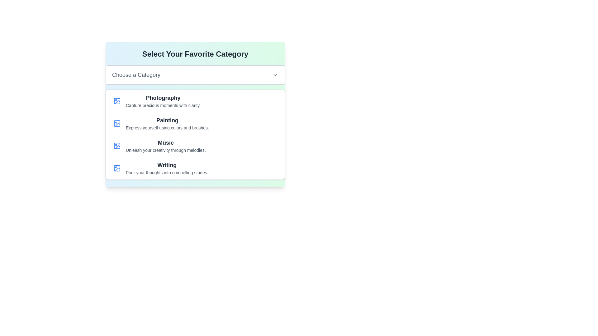  Describe the element at coordinates (163, 105) in the screenshot. I see `the informational text element that reads 'Capture precious moments with clarity', located underneath the 'Photography' heading in the top-left section of the list` at that location.